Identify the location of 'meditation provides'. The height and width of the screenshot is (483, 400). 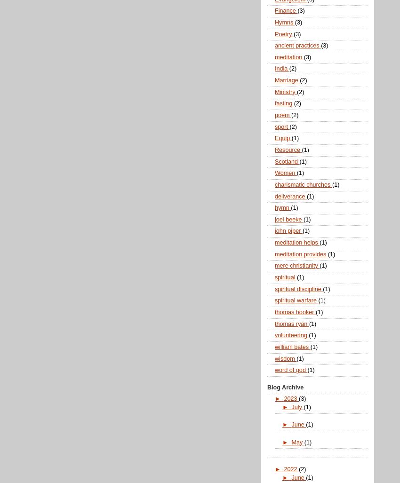
(301, 253).